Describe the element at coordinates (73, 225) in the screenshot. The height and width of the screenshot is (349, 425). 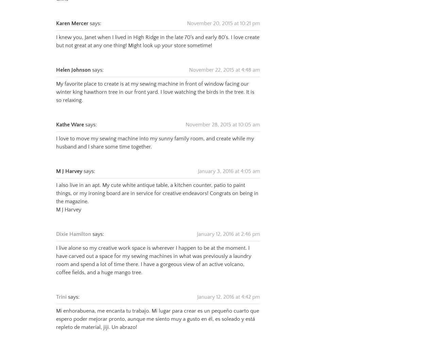
I see `'Dixie Hamilton'` at that location.